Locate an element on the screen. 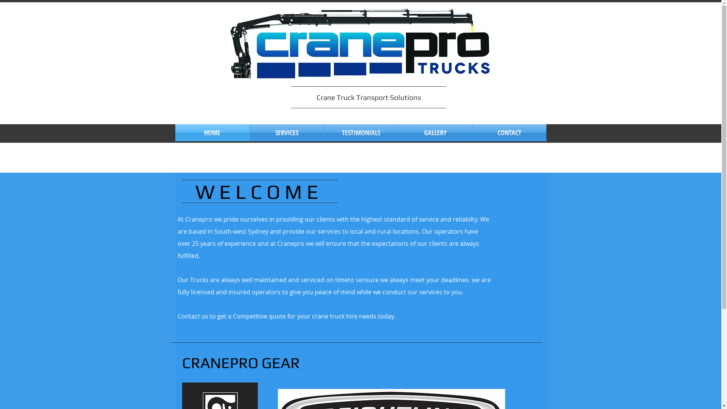  'CRANEPRO GEAR ' is located at coordinates (242, 362).